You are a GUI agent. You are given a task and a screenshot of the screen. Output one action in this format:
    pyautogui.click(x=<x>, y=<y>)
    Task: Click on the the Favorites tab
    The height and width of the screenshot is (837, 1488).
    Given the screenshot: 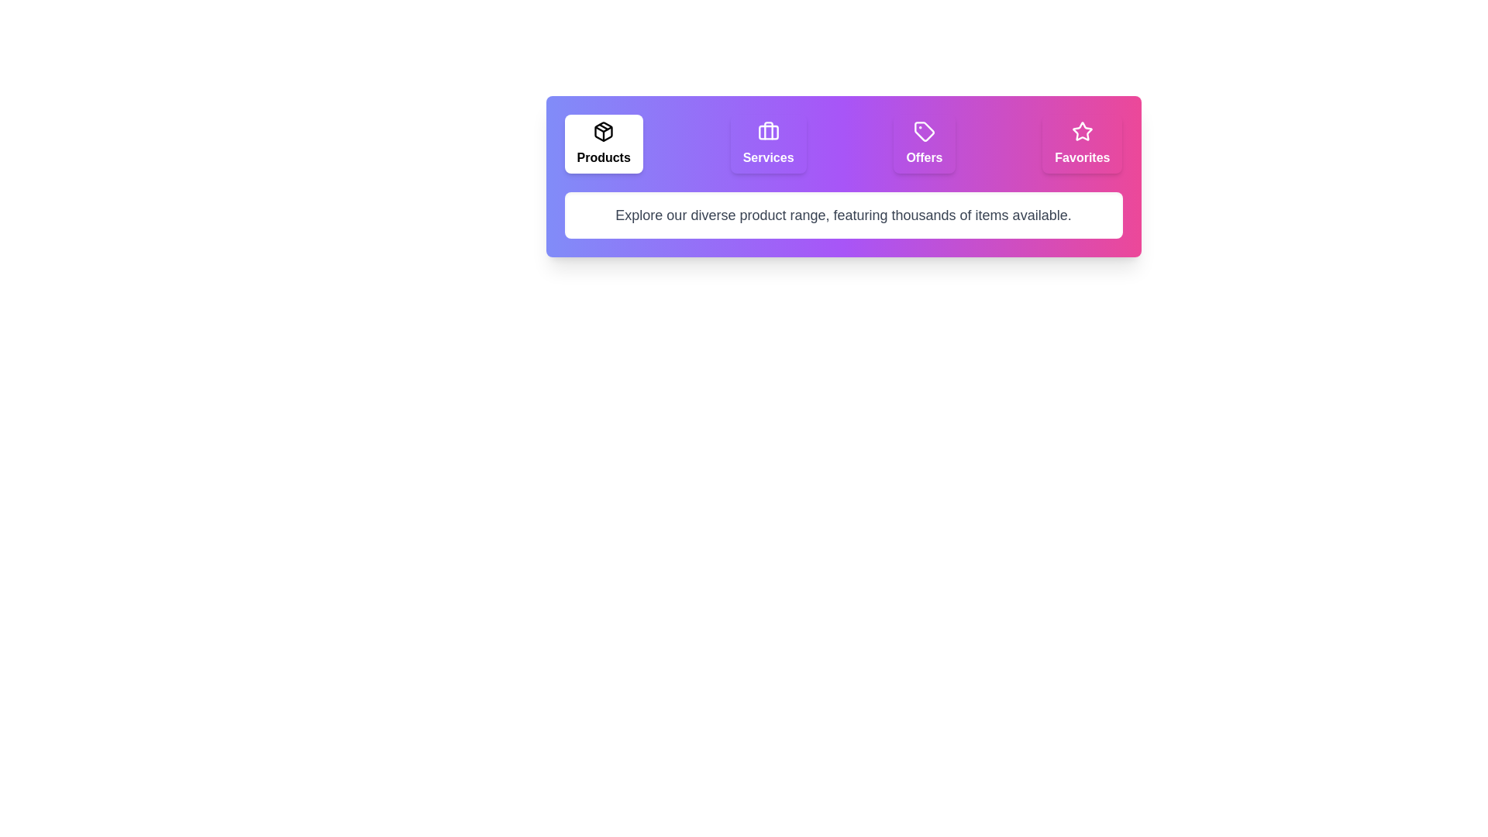 What is the action you would take?
    pyautogui.click(x=1081, y=143)
    